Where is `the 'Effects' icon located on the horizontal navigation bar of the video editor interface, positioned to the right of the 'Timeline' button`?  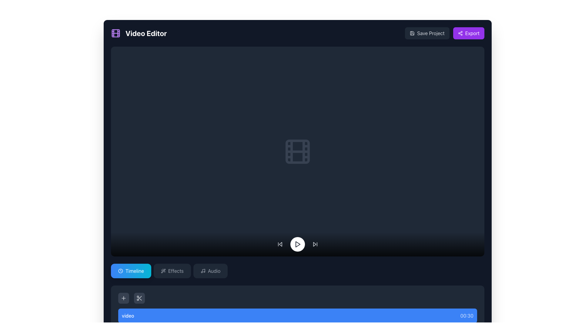 the 'Effects' icon located on the horizontal navigation bar of the video editor interface, positioned to the right of the 'Timeline' button is located at coordinates (163, 270).